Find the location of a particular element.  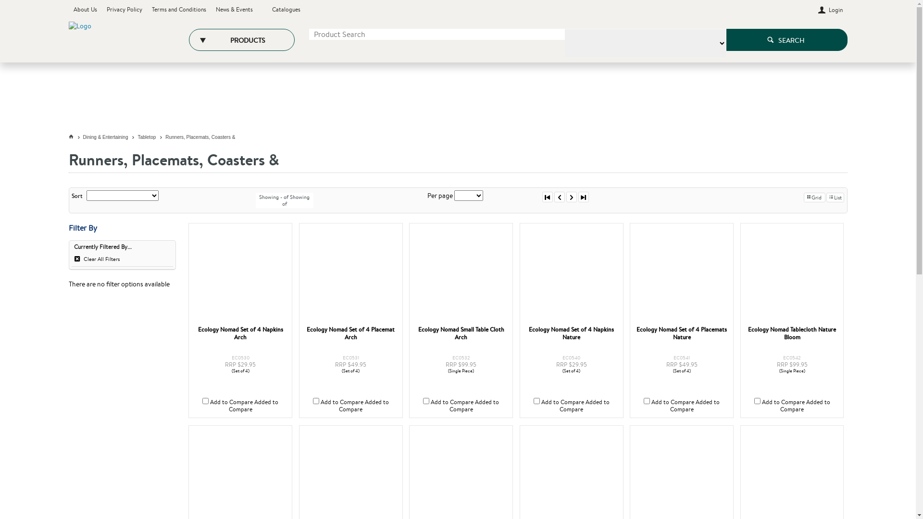

'Ecology Nomad Set of 4 Placemats Nature' is located at coordinates (681, 274).